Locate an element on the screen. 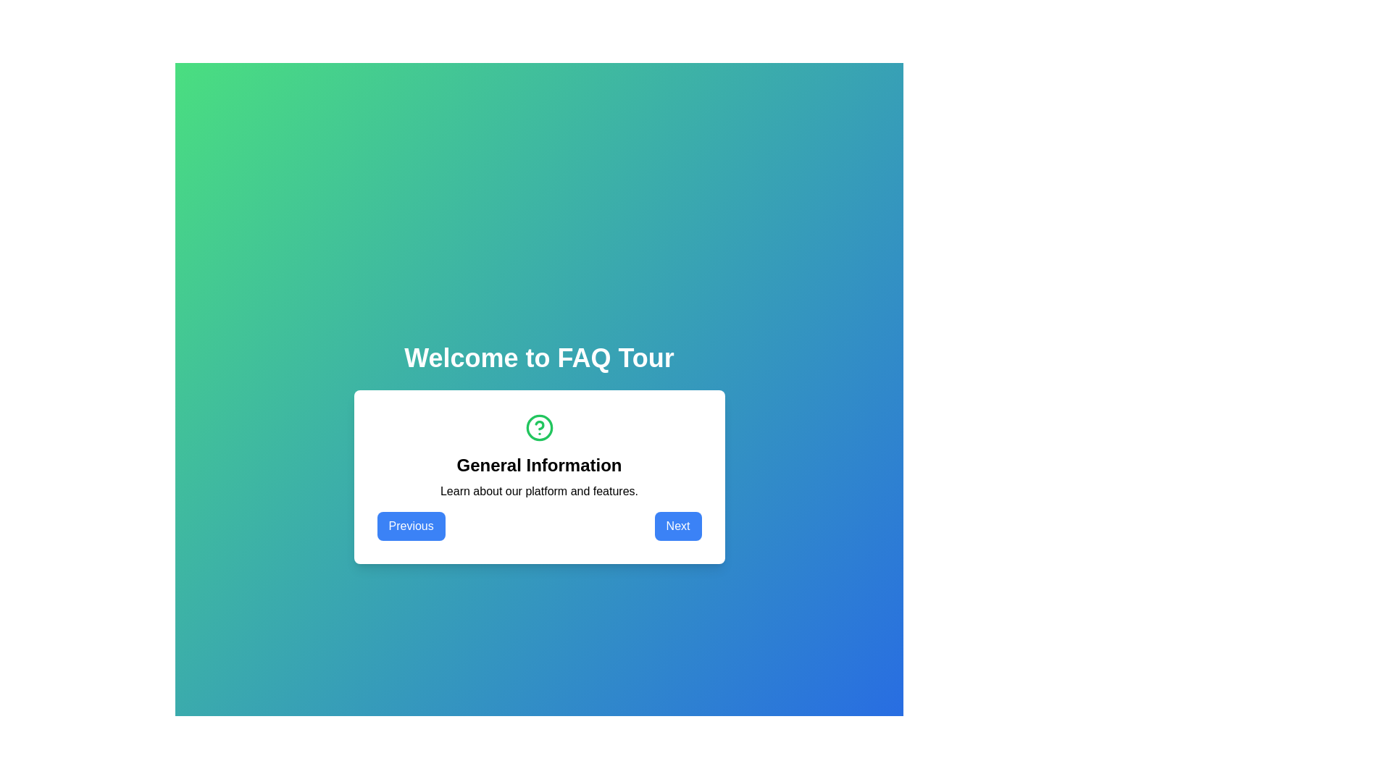  the 'Next' button located in the bottom-right corner of the modal to proceed to the next step is located at coordinates (677, 526).